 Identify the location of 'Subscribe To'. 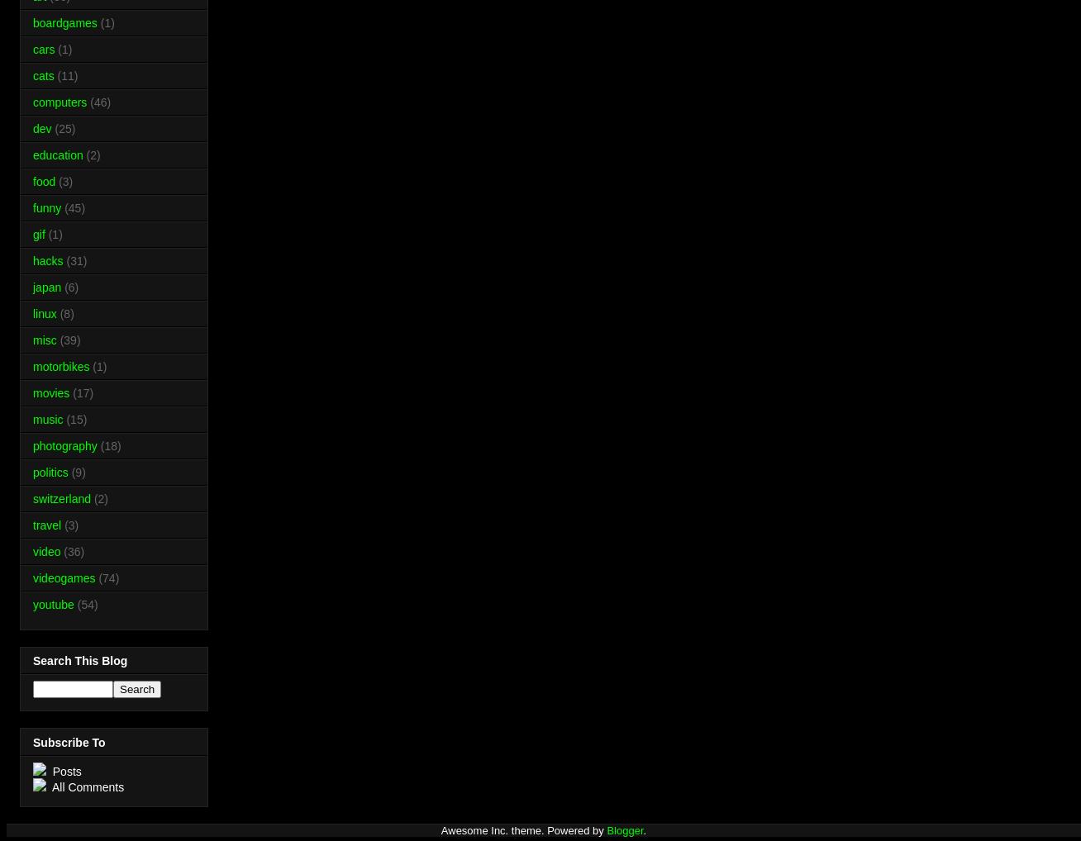
(33, 741).